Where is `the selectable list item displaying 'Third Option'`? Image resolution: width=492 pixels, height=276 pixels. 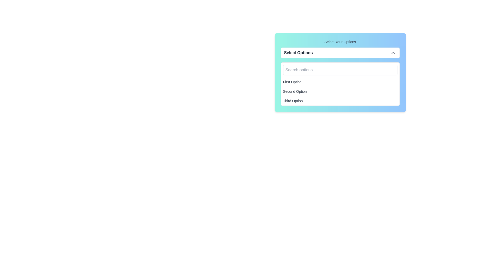 the selectable list item displaying 'Third Option' is located at coordinates (340, 101).